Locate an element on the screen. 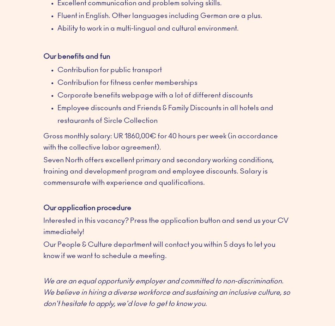 The height and width of the screenshot is (326, 335). 'Corporate benefits webpage with a lot of different discounts' is located at coordinates (155, 95).